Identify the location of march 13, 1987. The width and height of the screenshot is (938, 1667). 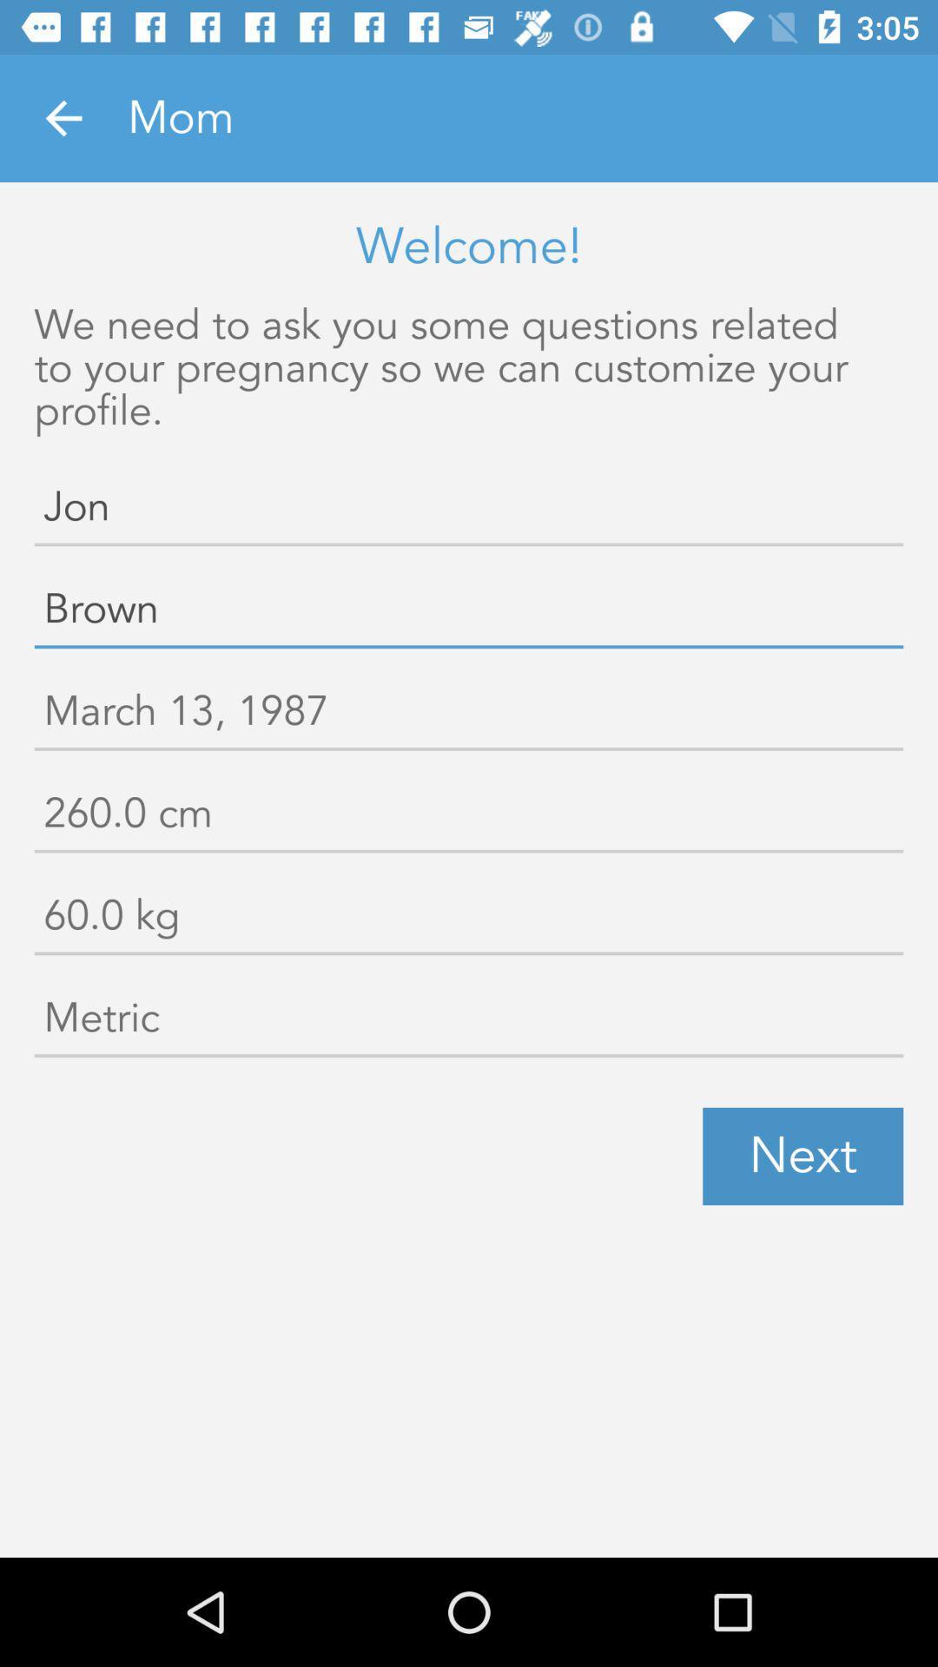
(469, 715).